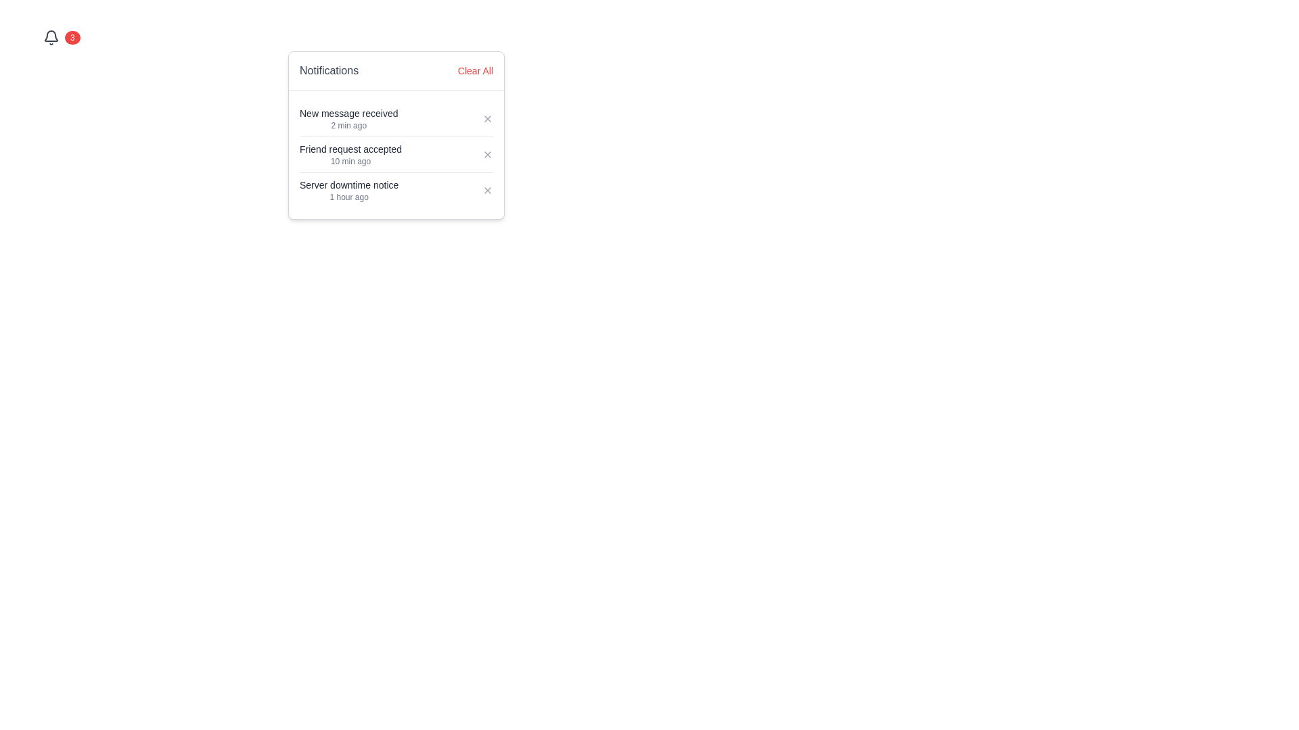 This screenshot has width=1299, height=730. I want to click on the 'Notifications' text label styled in gray font and medium weight, located at the top-left of the notification panel, so click(329, 70).